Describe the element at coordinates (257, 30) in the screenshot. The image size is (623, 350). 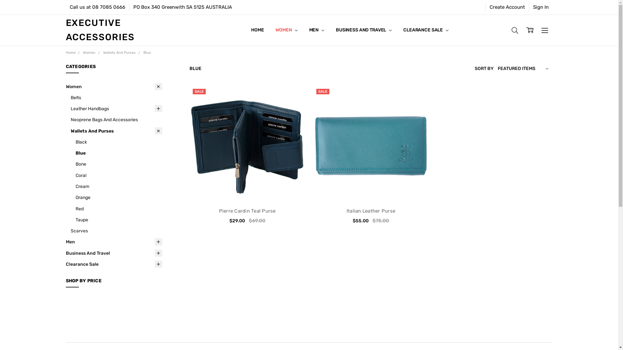
I see `'HOME'` at that location.